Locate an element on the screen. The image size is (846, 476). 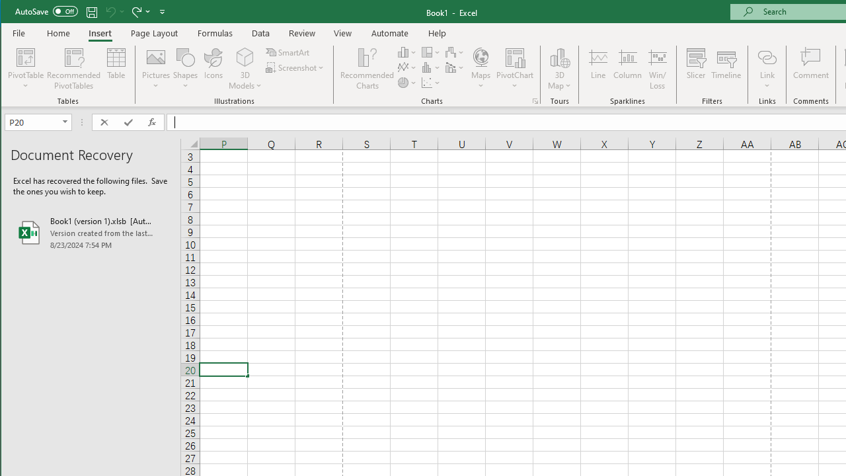
'Data' is located at coordinates (261, 32).